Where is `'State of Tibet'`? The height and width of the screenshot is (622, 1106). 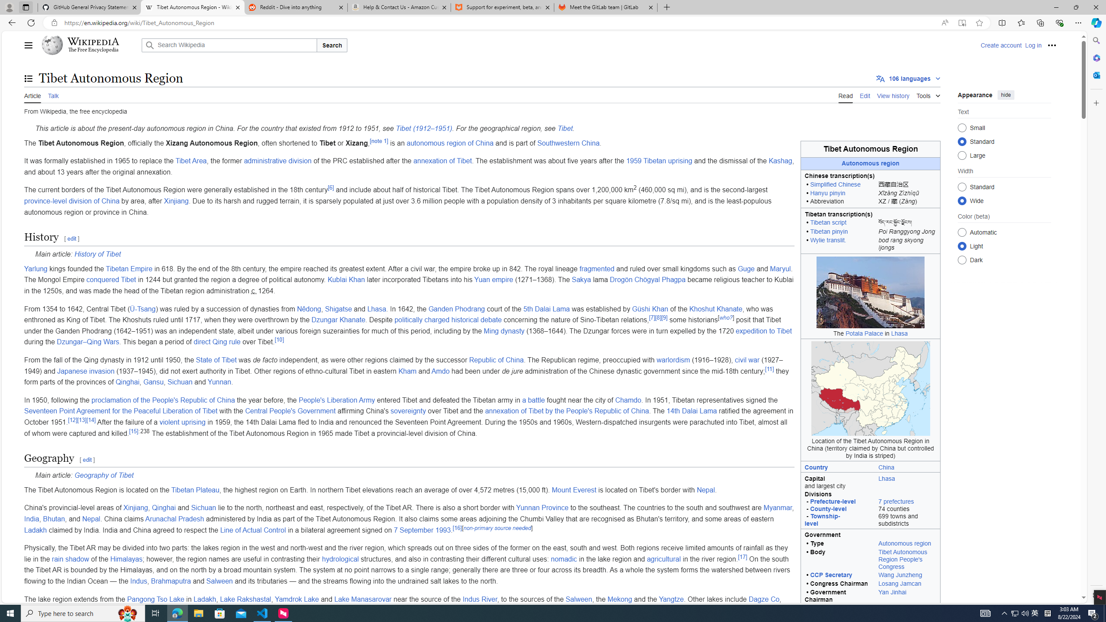
'State of Tibet' is located at coordinates (216, 359).